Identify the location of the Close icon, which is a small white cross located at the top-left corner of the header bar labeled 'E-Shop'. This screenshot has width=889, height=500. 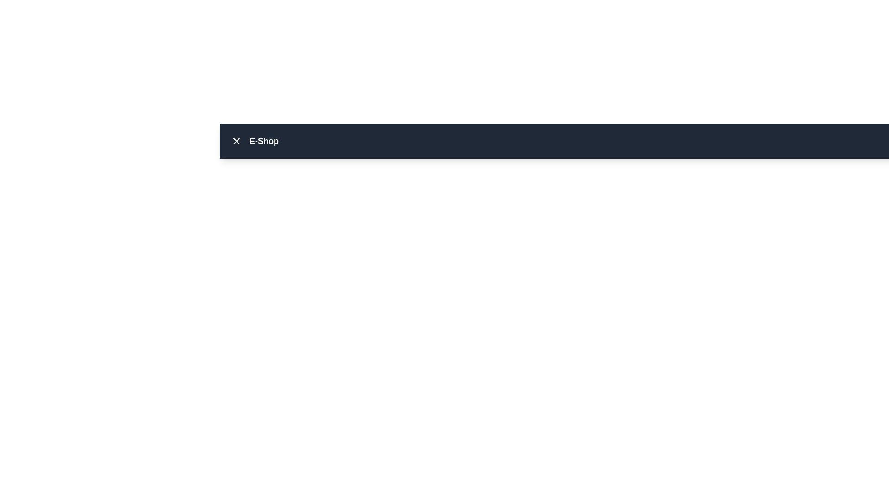
(236, 141).